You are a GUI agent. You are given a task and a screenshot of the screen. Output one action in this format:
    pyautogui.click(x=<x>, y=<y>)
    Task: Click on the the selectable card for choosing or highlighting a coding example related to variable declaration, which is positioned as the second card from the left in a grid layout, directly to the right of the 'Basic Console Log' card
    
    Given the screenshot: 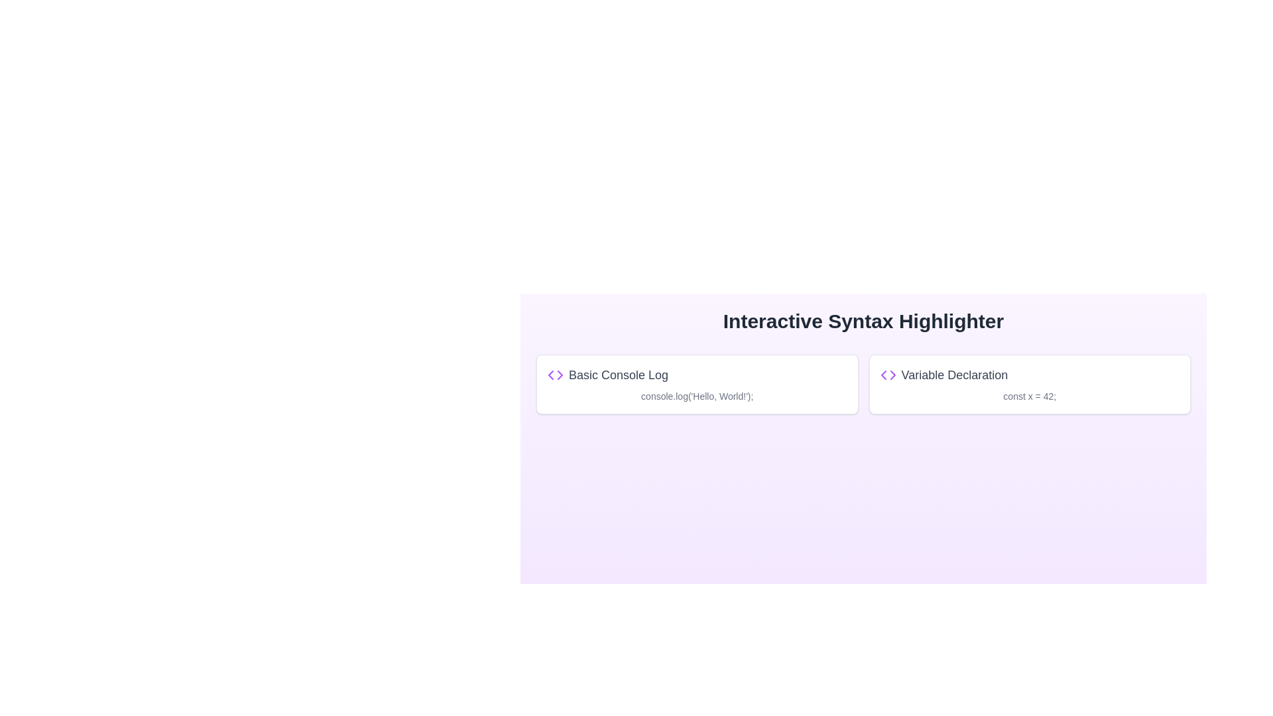 What is the action you would take?
    pyautogui.click(x=1029, y=384)
    